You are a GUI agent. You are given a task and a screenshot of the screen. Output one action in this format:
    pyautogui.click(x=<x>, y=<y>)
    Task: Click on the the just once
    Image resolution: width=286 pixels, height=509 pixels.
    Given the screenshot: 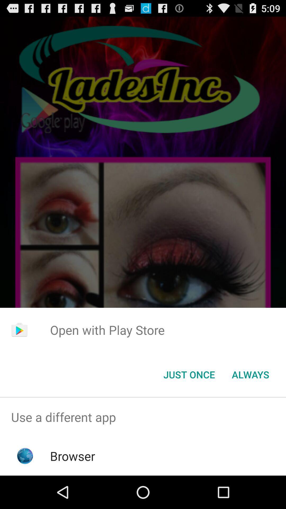 What is the action you would take?
    pyautogui.click(x=189, y=374)
    